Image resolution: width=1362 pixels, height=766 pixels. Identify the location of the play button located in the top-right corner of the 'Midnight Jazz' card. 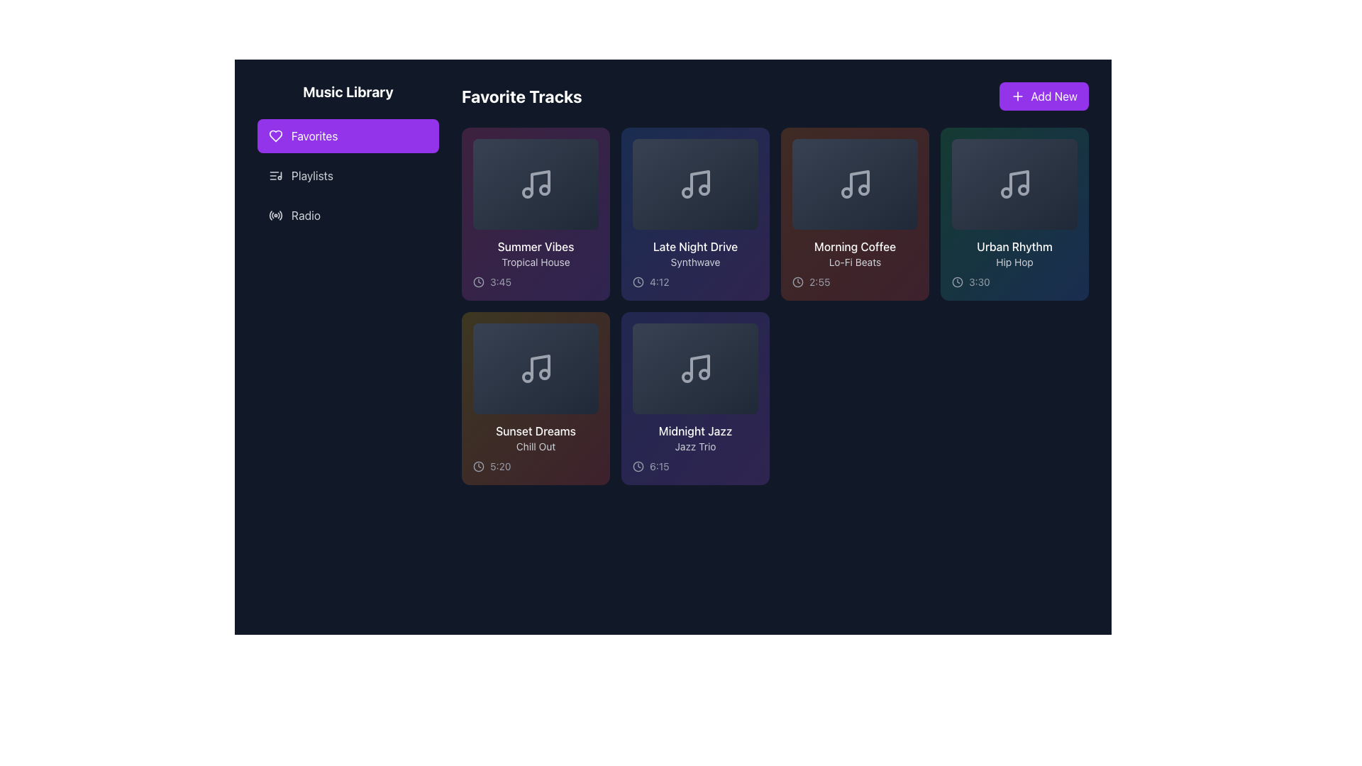
(748, 331).